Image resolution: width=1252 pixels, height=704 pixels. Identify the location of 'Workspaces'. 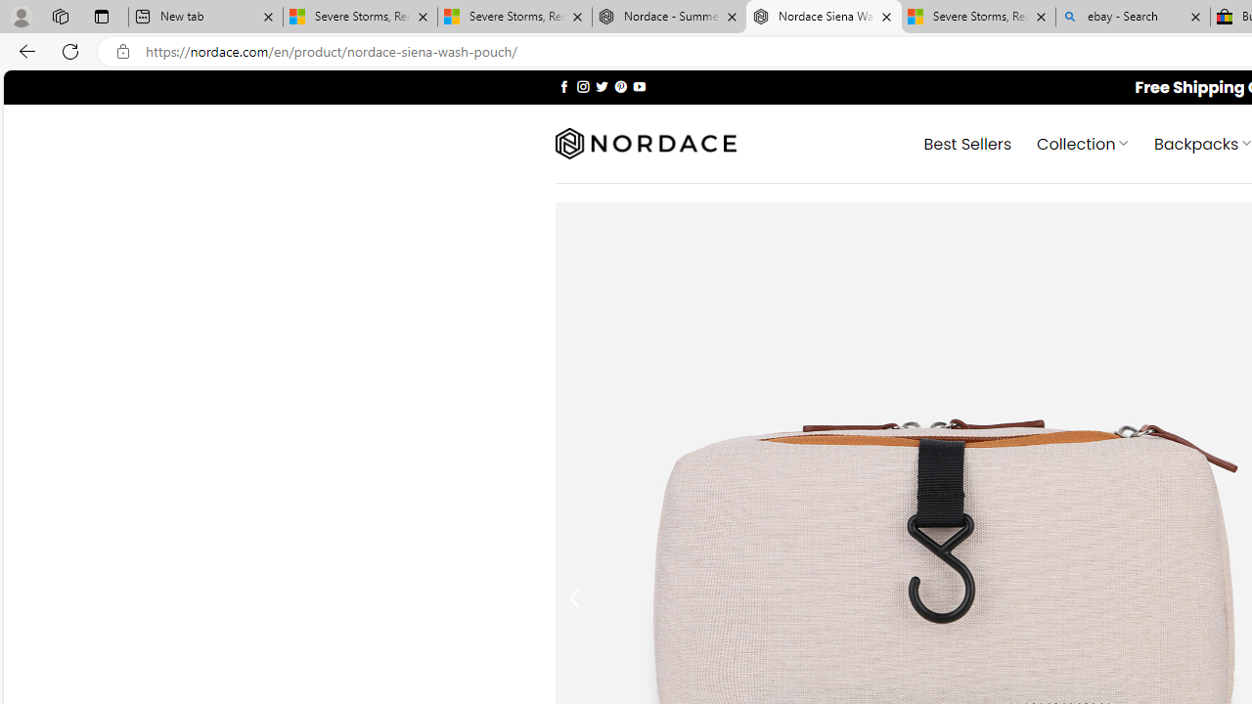
(60, 16).